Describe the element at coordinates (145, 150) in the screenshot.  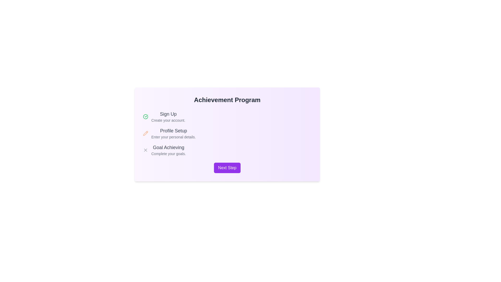
I see `the icon representing the incomplete or inactive state related to the 'Goal Achieving' step` at that location.